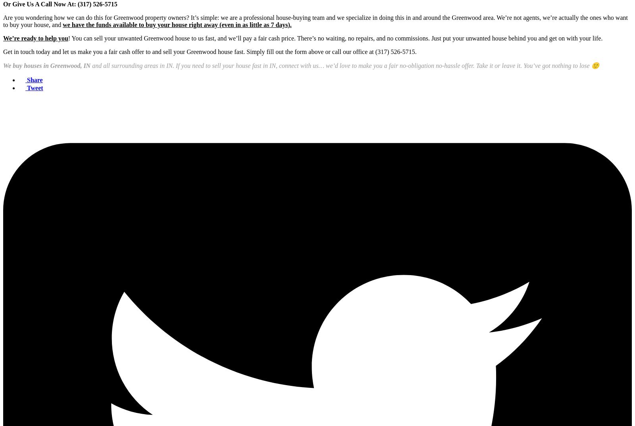  I want to click on 'and all surrounding areas in IN. If you need to sell your house fast in IN, connect with us… we’d love to make you a fair no-obligation no-hassle offer. Take it or leave it. You’ve got nothing to lose 🙂', so click(344, 65).